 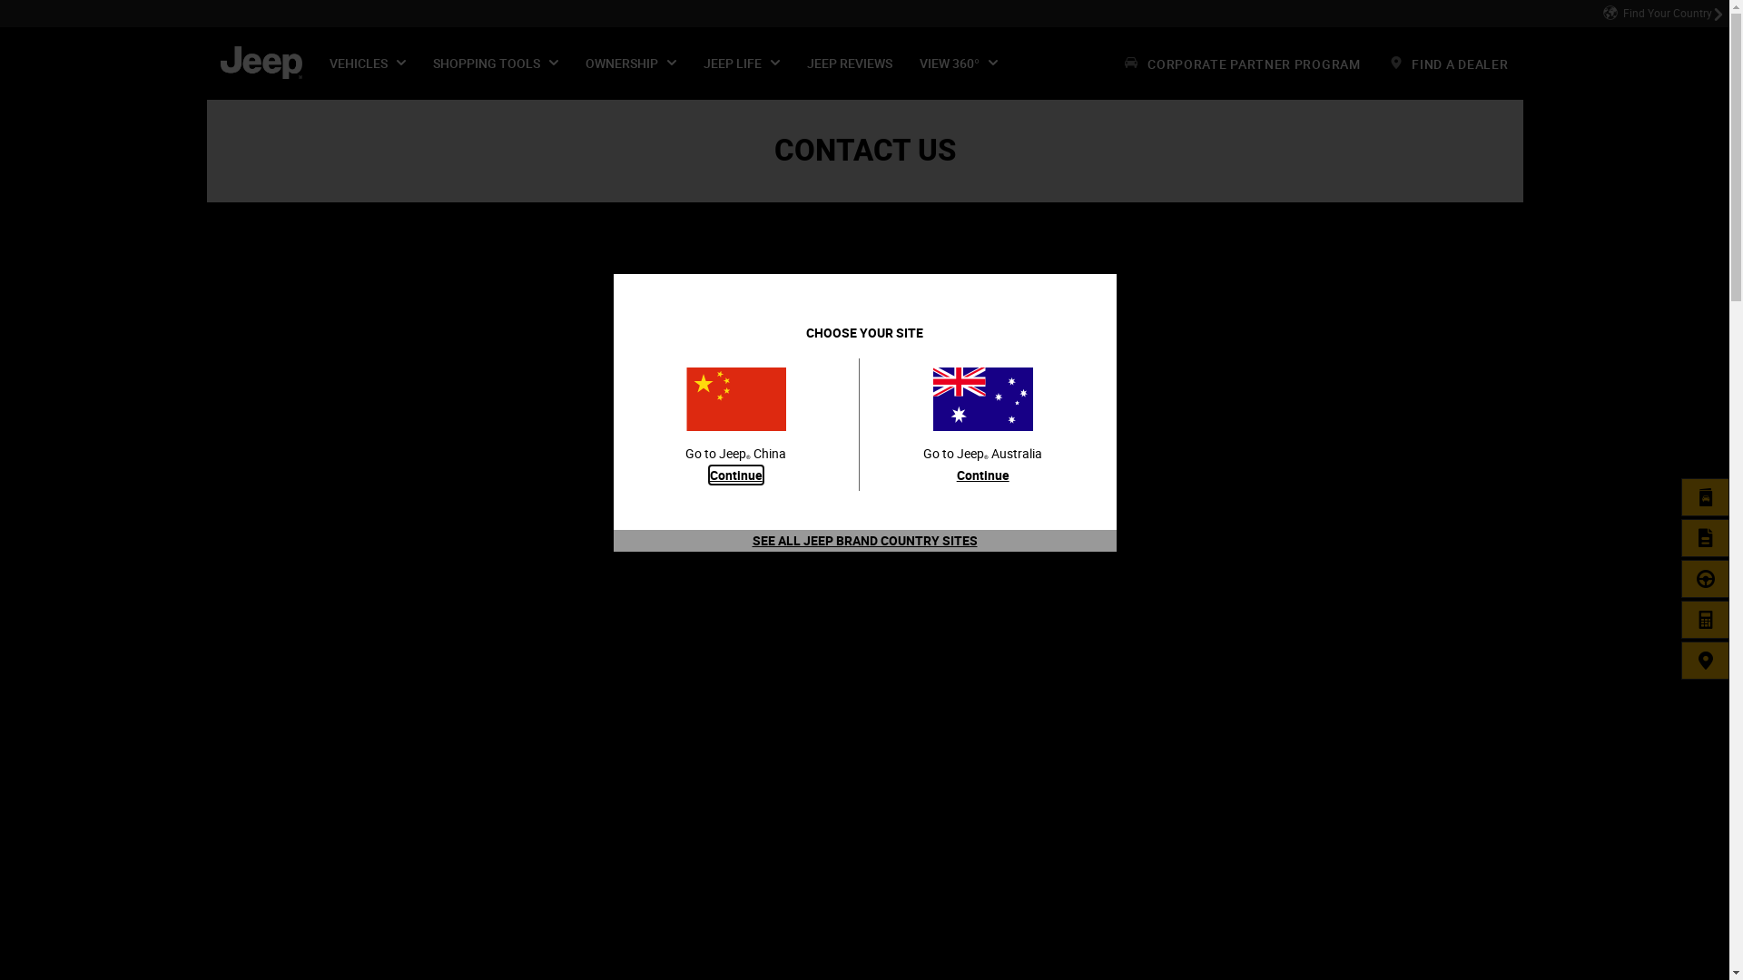 I want to click on 'SEE ALL JEEP BRAND COUNTRY SITES', so click(x=862, y=539).